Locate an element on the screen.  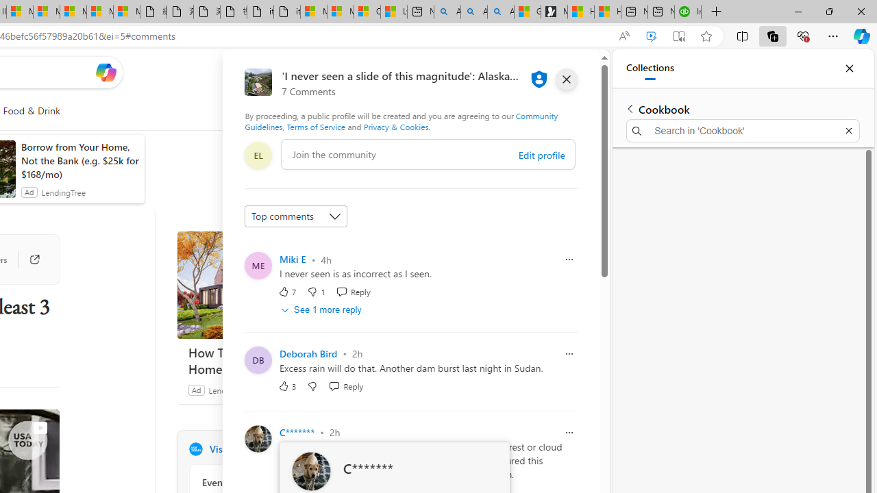
'Reply Reply Comment' is located at coordinates (346, 385).